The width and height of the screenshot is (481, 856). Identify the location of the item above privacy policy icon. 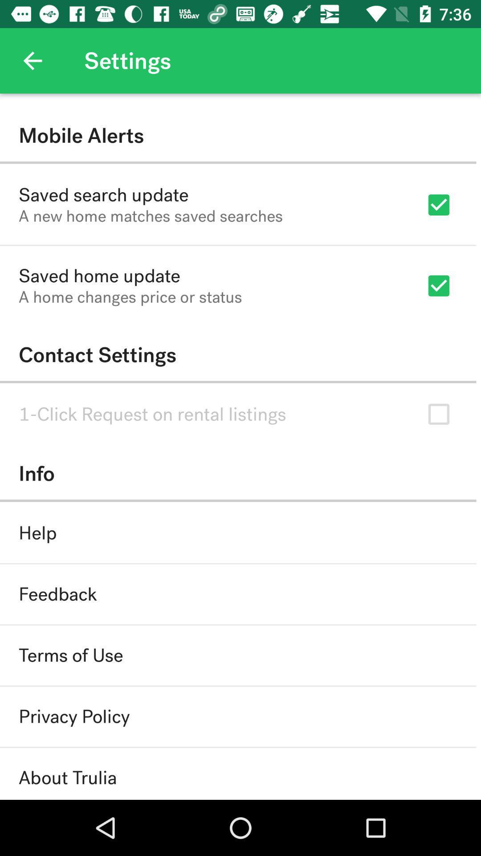
(70, 655).